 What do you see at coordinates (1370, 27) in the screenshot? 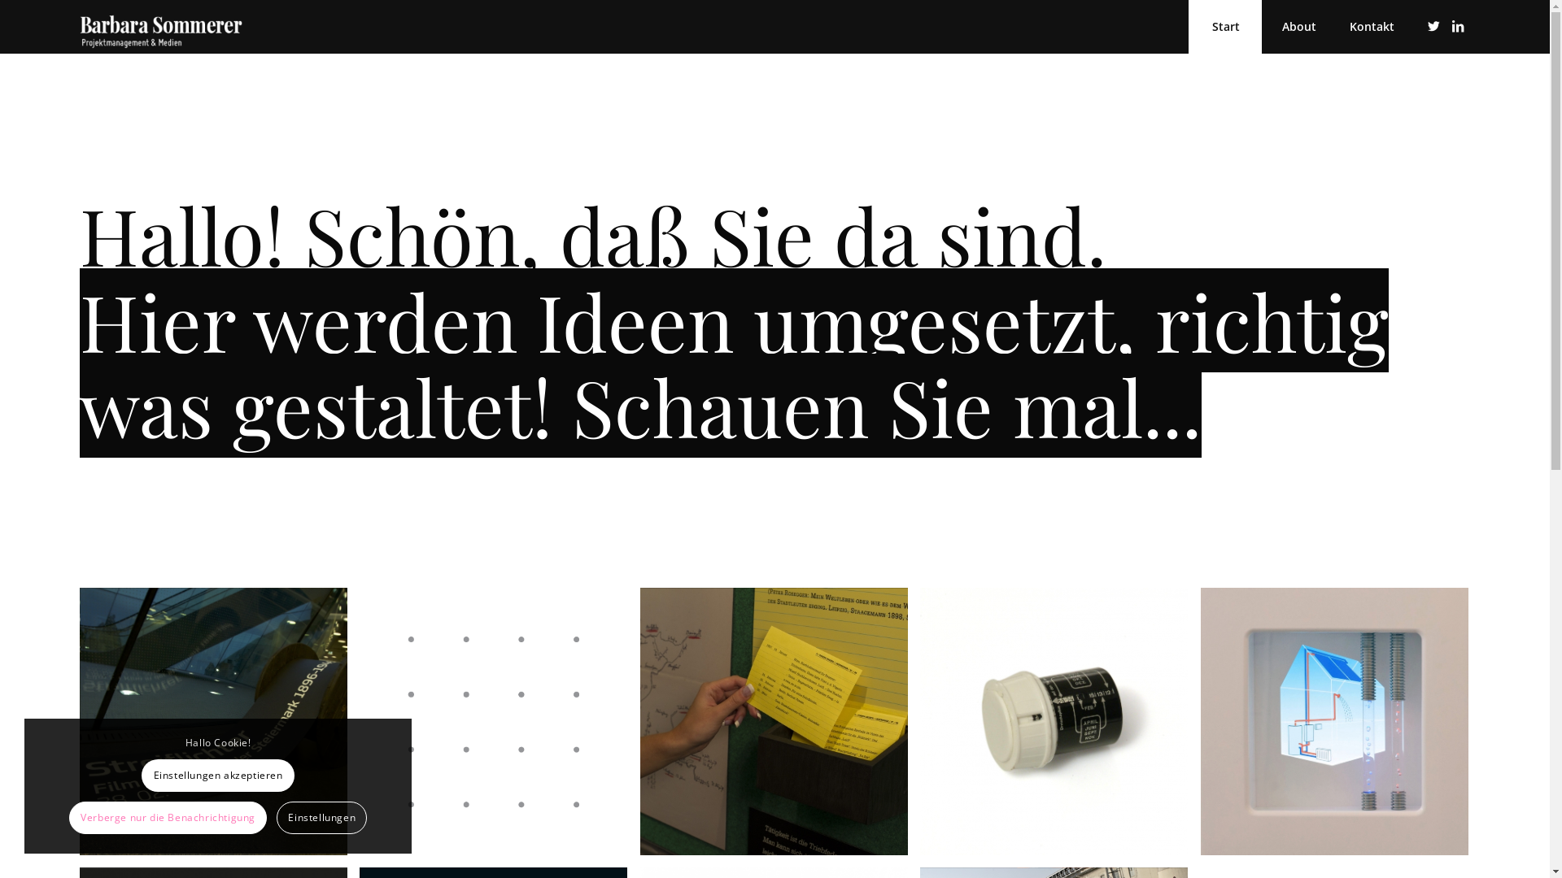
I see `'Kontakt'` at bounding box center [1370, 27].